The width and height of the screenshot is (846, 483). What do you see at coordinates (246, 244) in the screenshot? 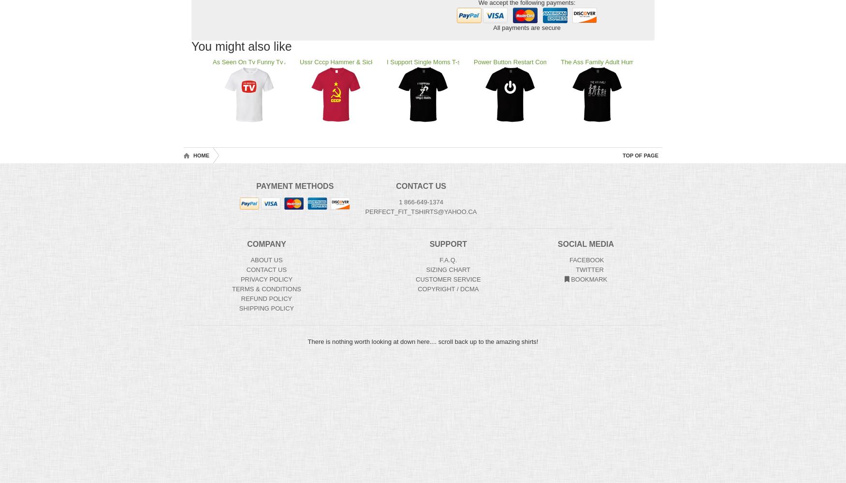
I see `'Company'` at bounding box center [246, 244].